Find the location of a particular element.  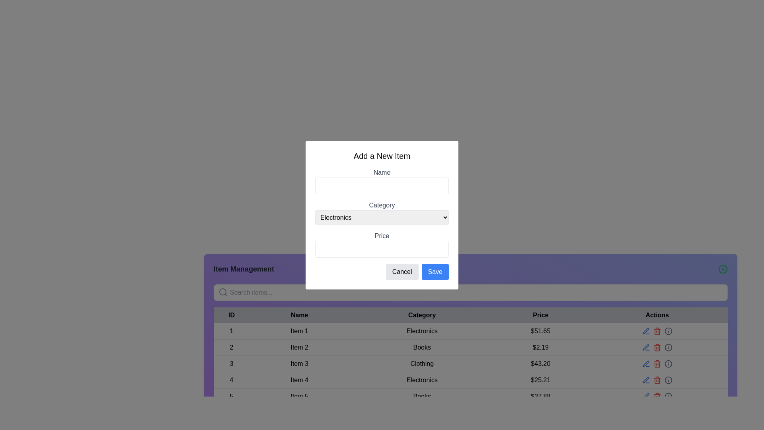

the editing icon located in the top-right corner of the toolbar is located at coordinates (646, 379).